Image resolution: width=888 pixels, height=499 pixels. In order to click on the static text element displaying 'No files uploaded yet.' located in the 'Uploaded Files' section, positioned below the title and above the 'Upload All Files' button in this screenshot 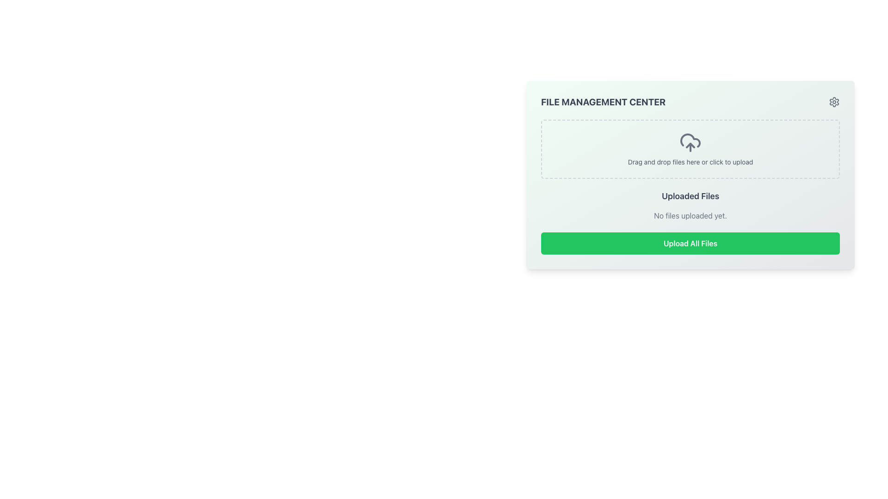, I will do `click(690, 215)`.